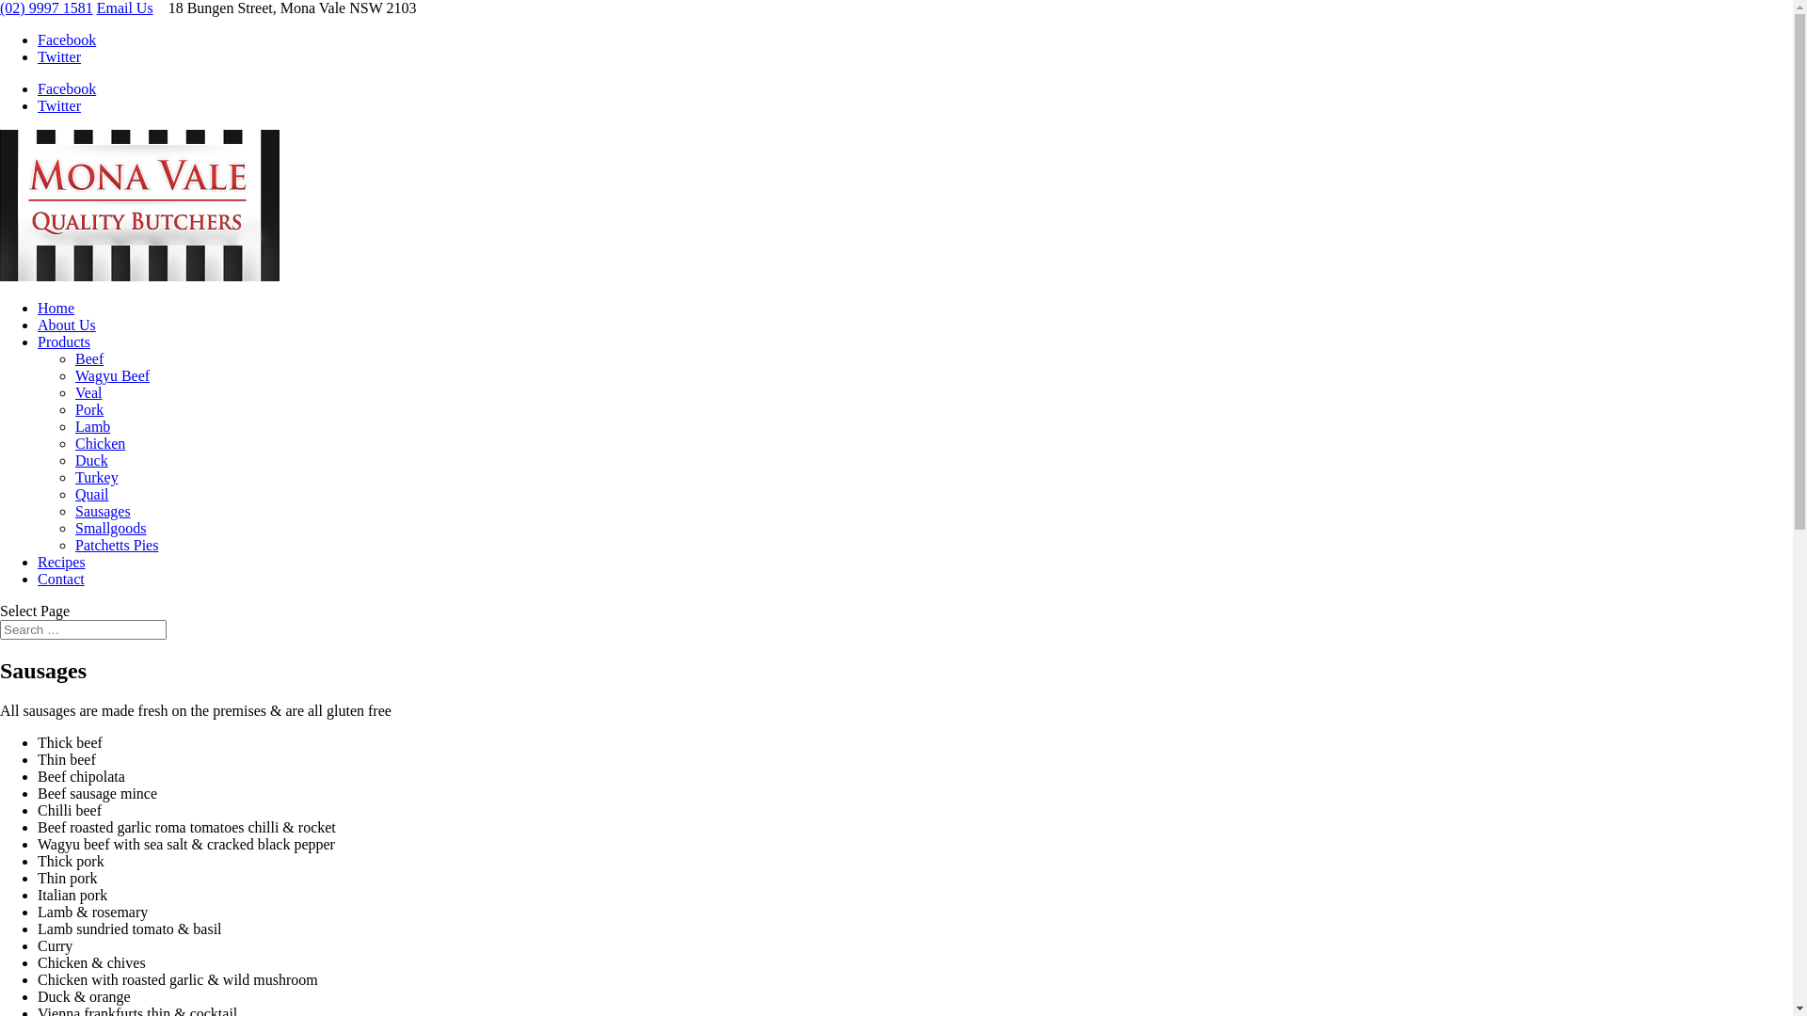 The height and width of the screenshot is (1016, 1807). Describe the element at coordinates (67, 324) in the screenshot. I see `'About Us'` at that location.